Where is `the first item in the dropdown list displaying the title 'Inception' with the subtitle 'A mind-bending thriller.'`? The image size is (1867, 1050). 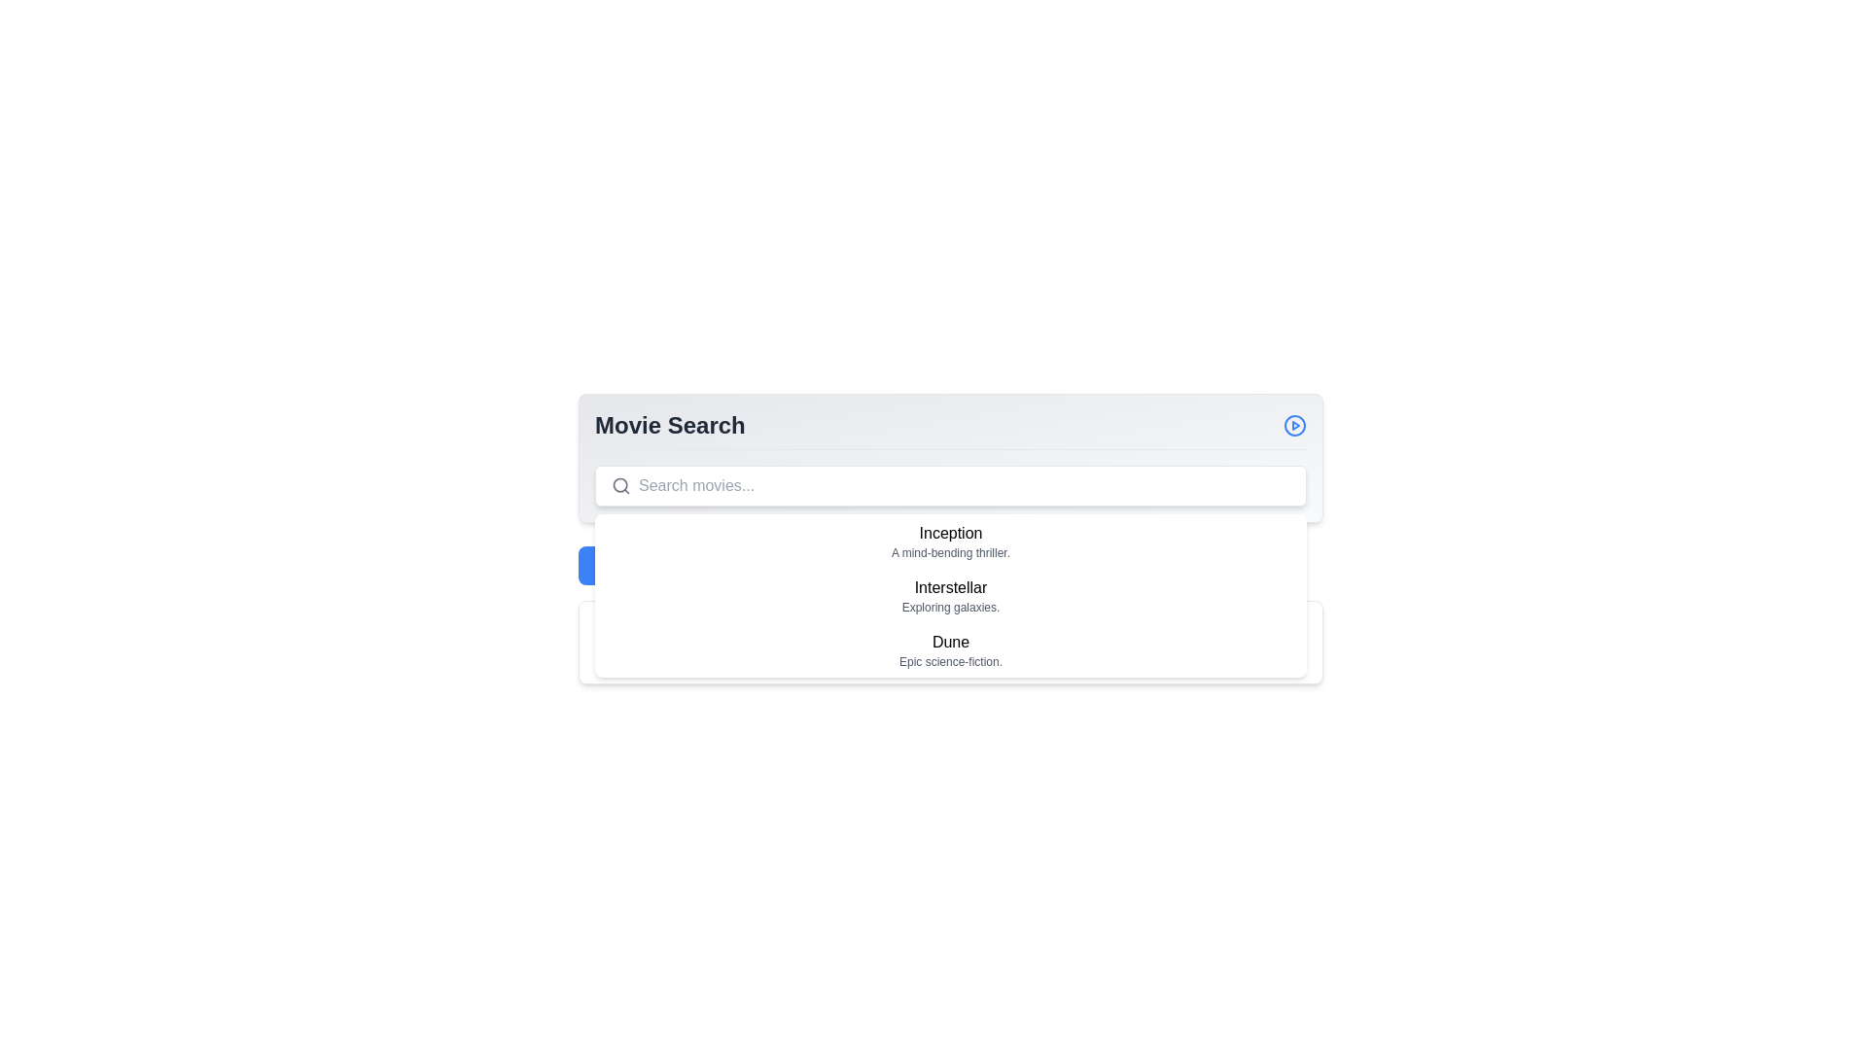 the first item in the dropdown list displaying the title 'Inception' with the subtitle 'A mind-bending thriller.' is located at coordinates (951, 541).